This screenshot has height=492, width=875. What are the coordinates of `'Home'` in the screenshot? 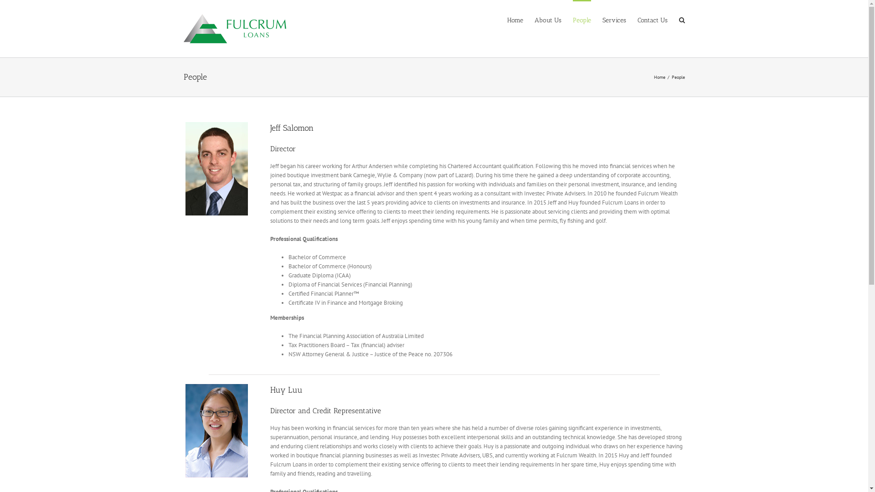 It's located at (653, 77).